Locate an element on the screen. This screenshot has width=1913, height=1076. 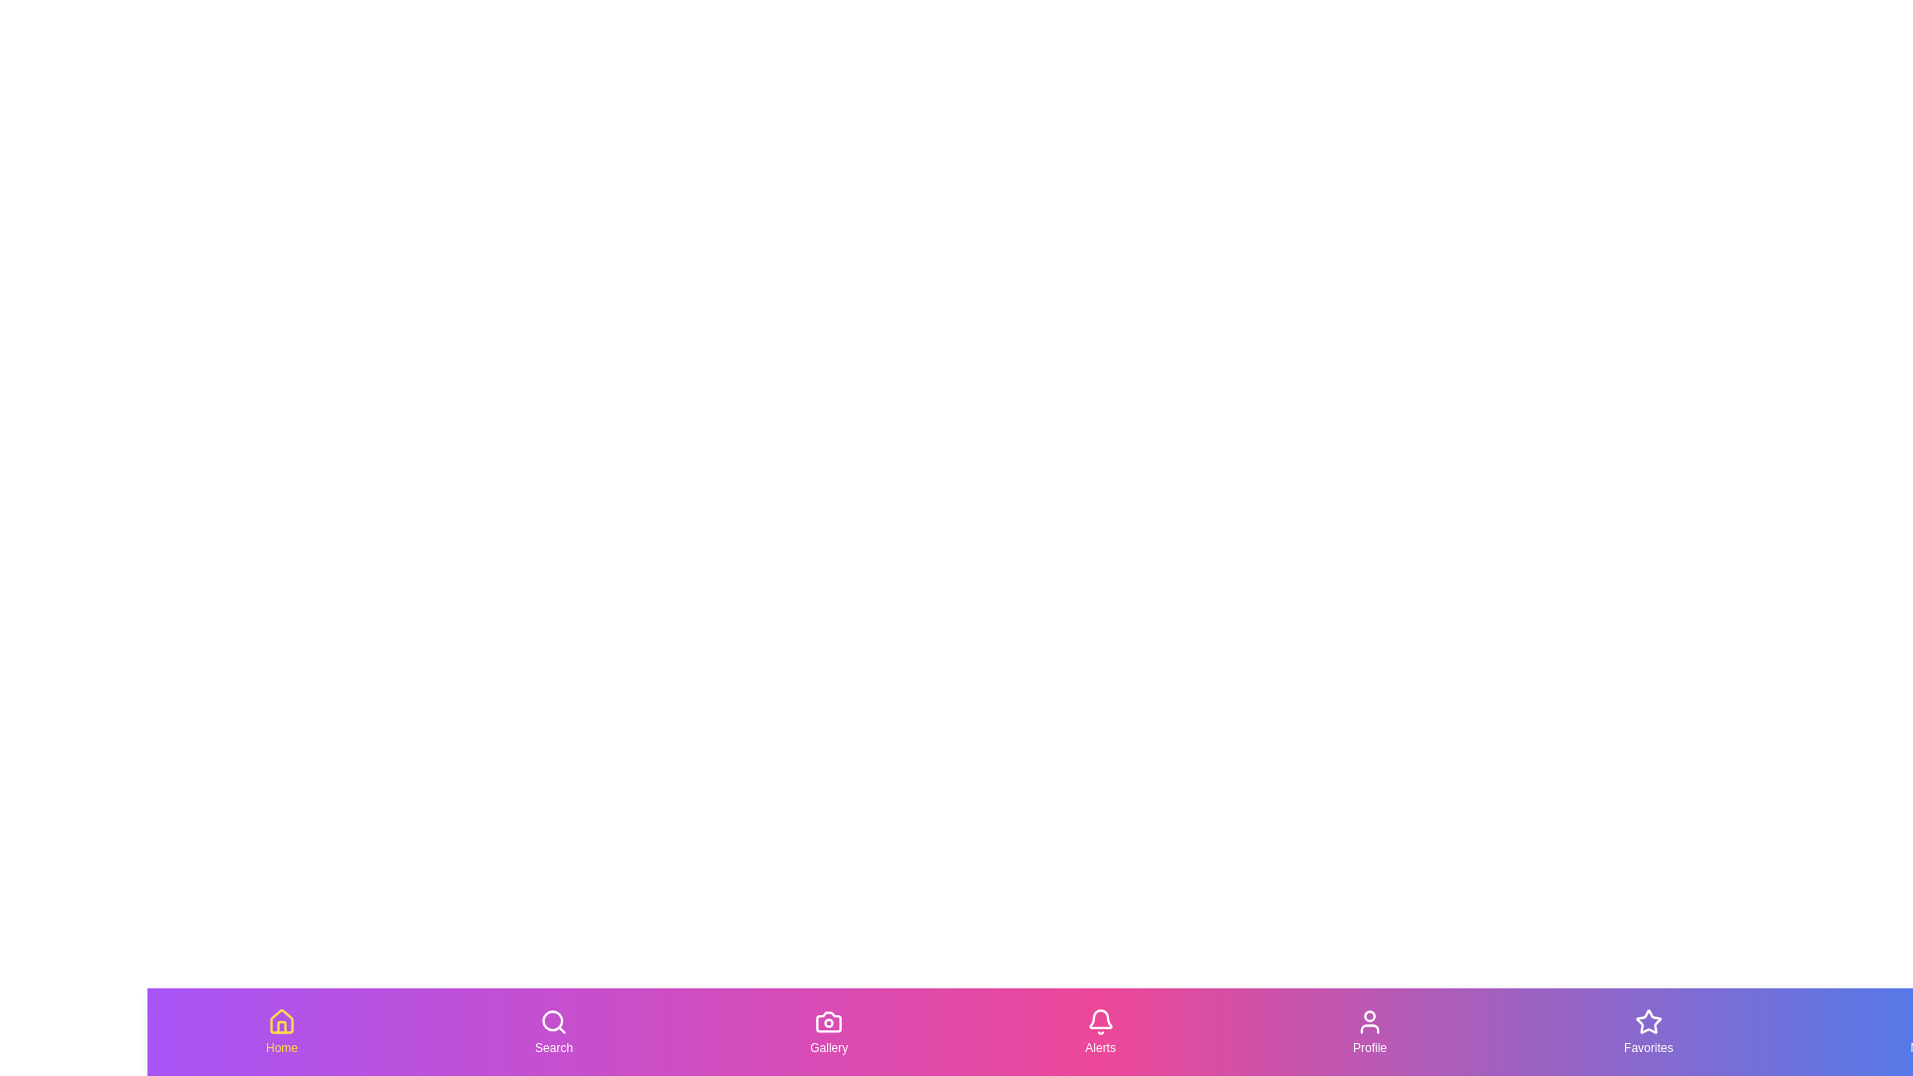
the Search tab by clicking on its button is located at coordinates (554, 1031).